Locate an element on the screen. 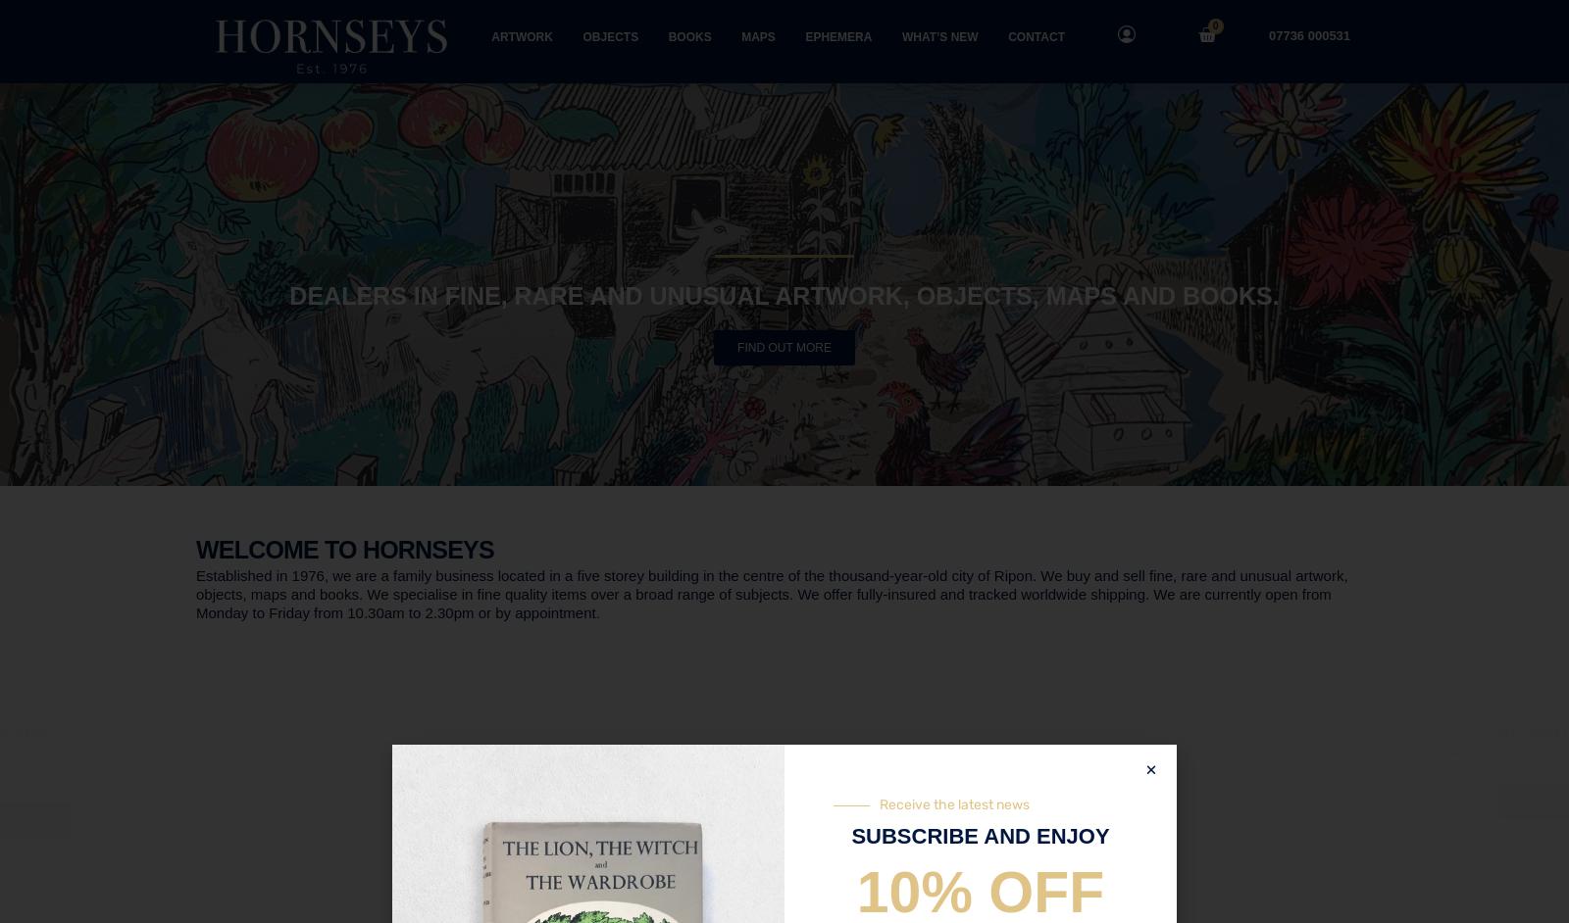  'Search for a particular product' is located at coordinates (784, 742).